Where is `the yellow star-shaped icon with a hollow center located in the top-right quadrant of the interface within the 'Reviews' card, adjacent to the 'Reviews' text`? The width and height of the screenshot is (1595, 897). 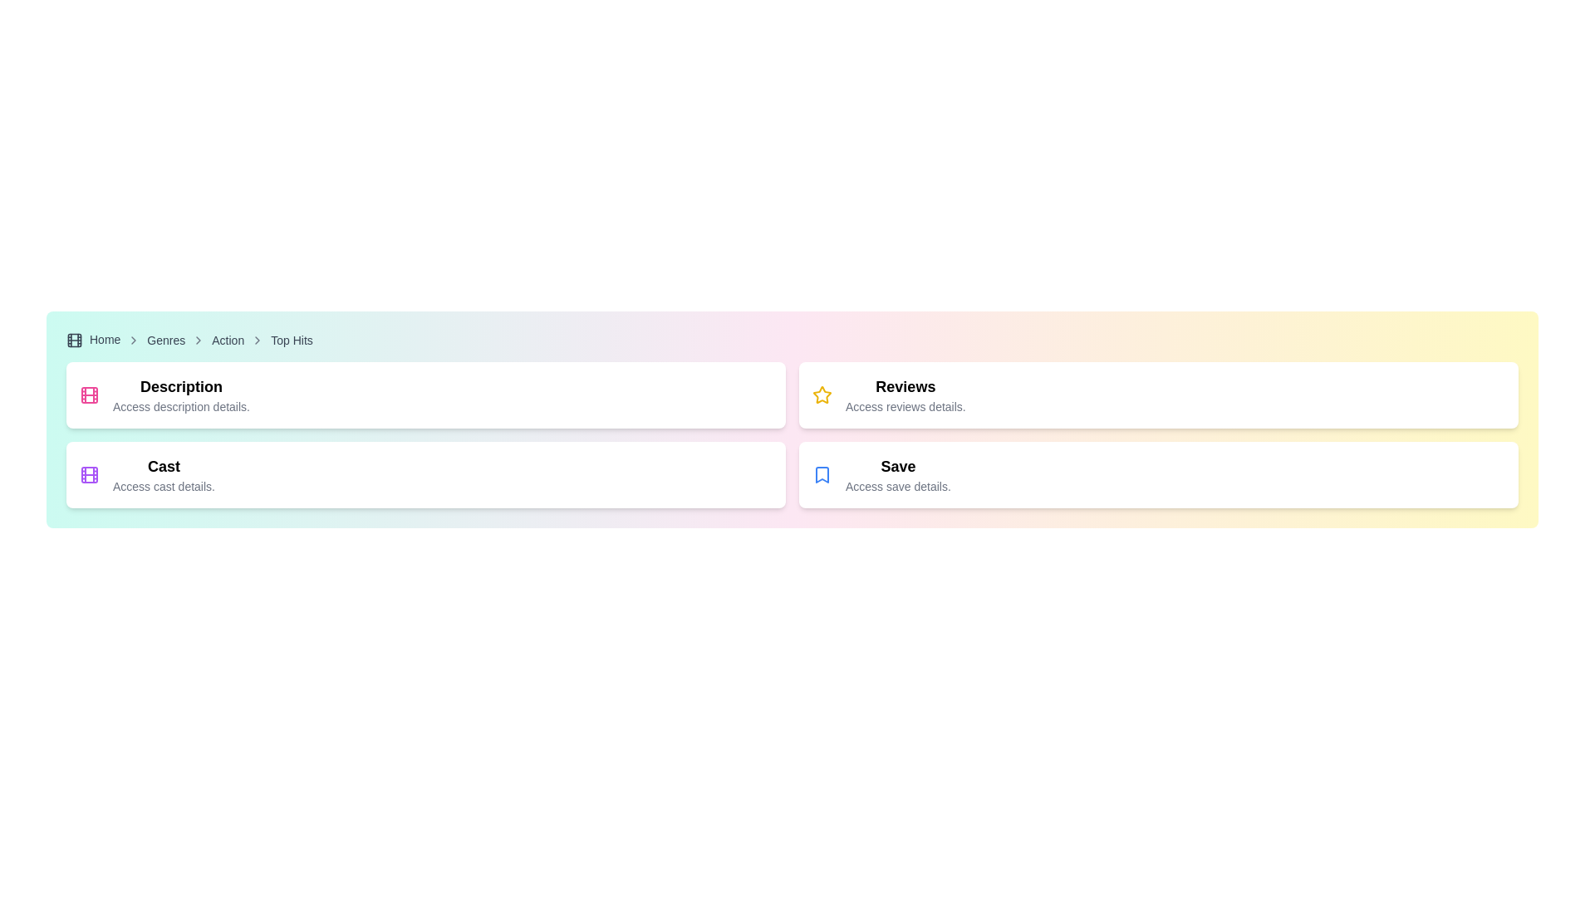
the yellow star-shaped icon with a hollow center located in the top-right quadrant of the interface within the 'Reviews' card, adjacent to the 'Reviews' text is located at coordinates (822, 395).